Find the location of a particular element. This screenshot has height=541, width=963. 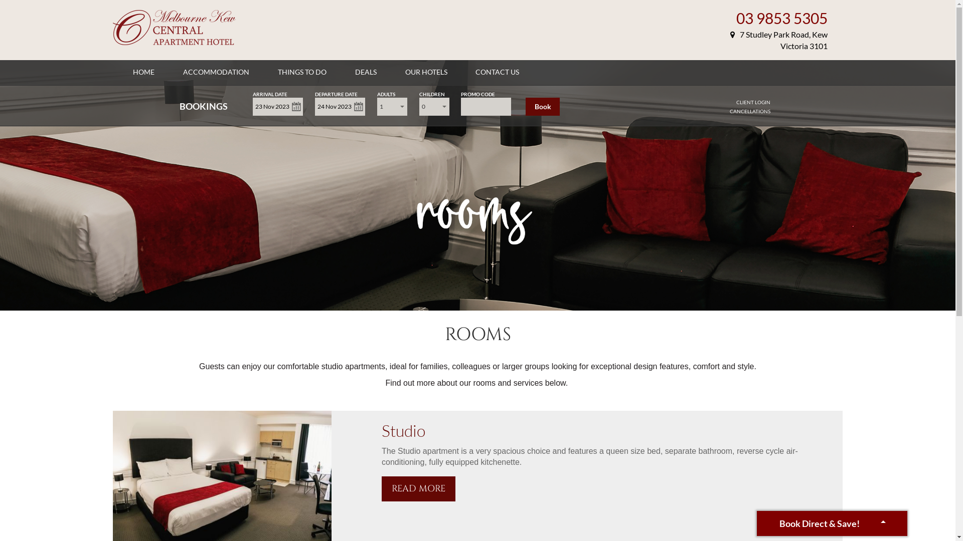

'CANCELLATIONS' is located at coordinates (750, 111).